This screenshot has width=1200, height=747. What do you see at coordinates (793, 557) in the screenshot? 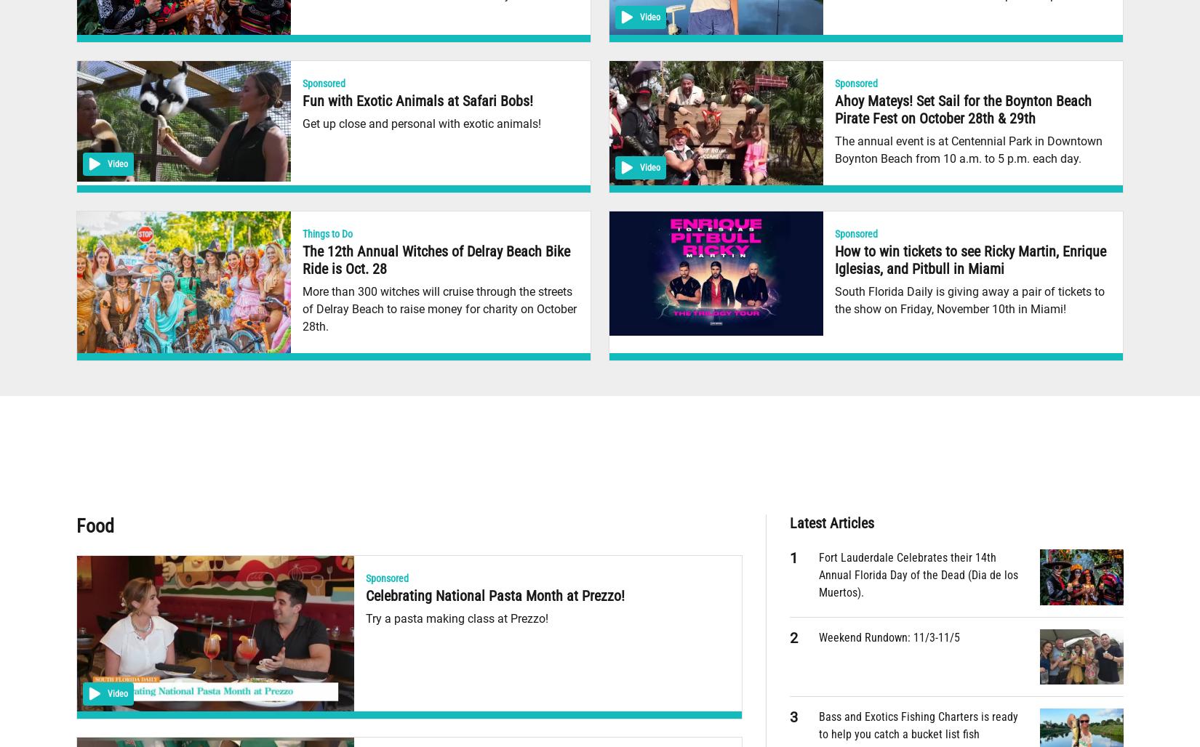
I see `'1'` at bounding box center [793, 557].